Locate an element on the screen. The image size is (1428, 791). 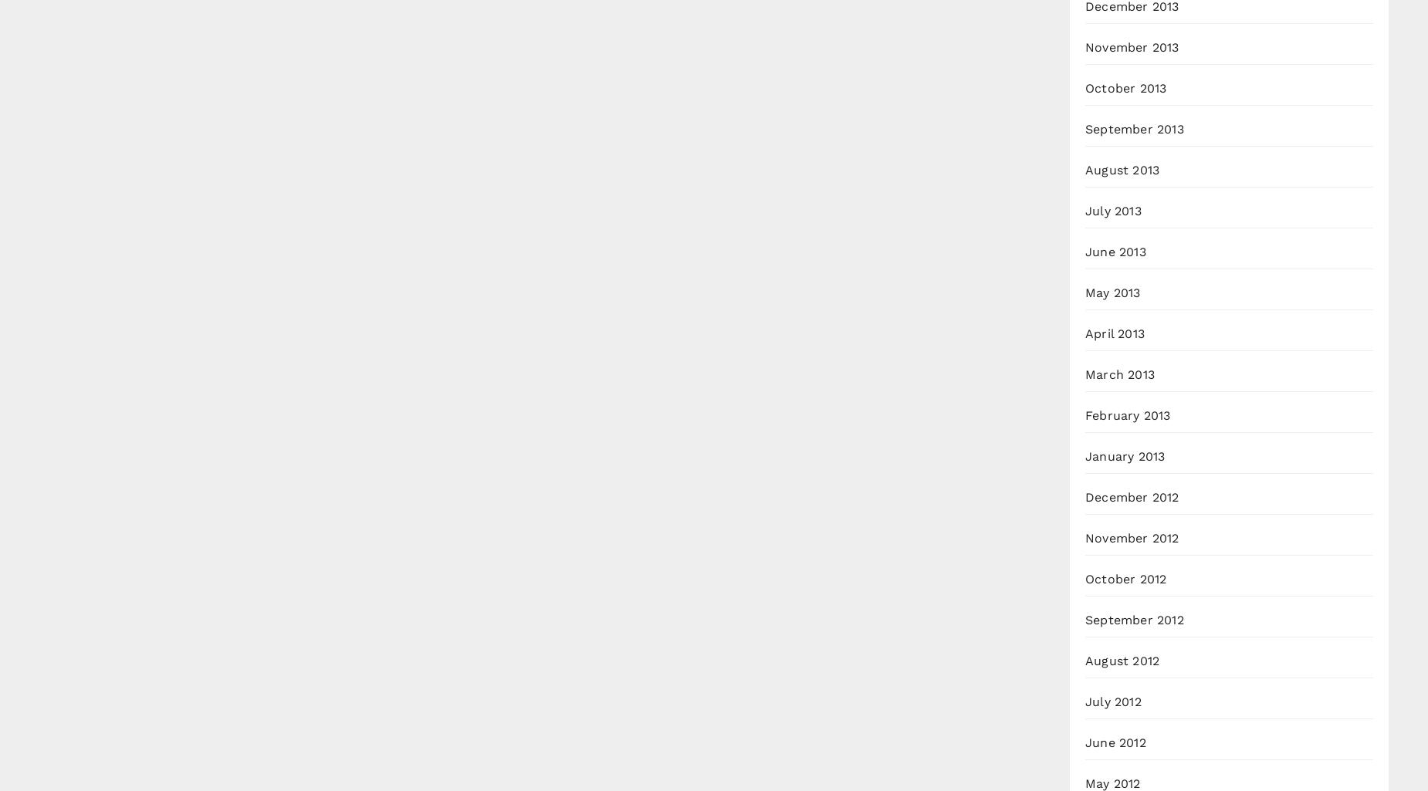
'November 2013' is located at coordinates (1132, 46).